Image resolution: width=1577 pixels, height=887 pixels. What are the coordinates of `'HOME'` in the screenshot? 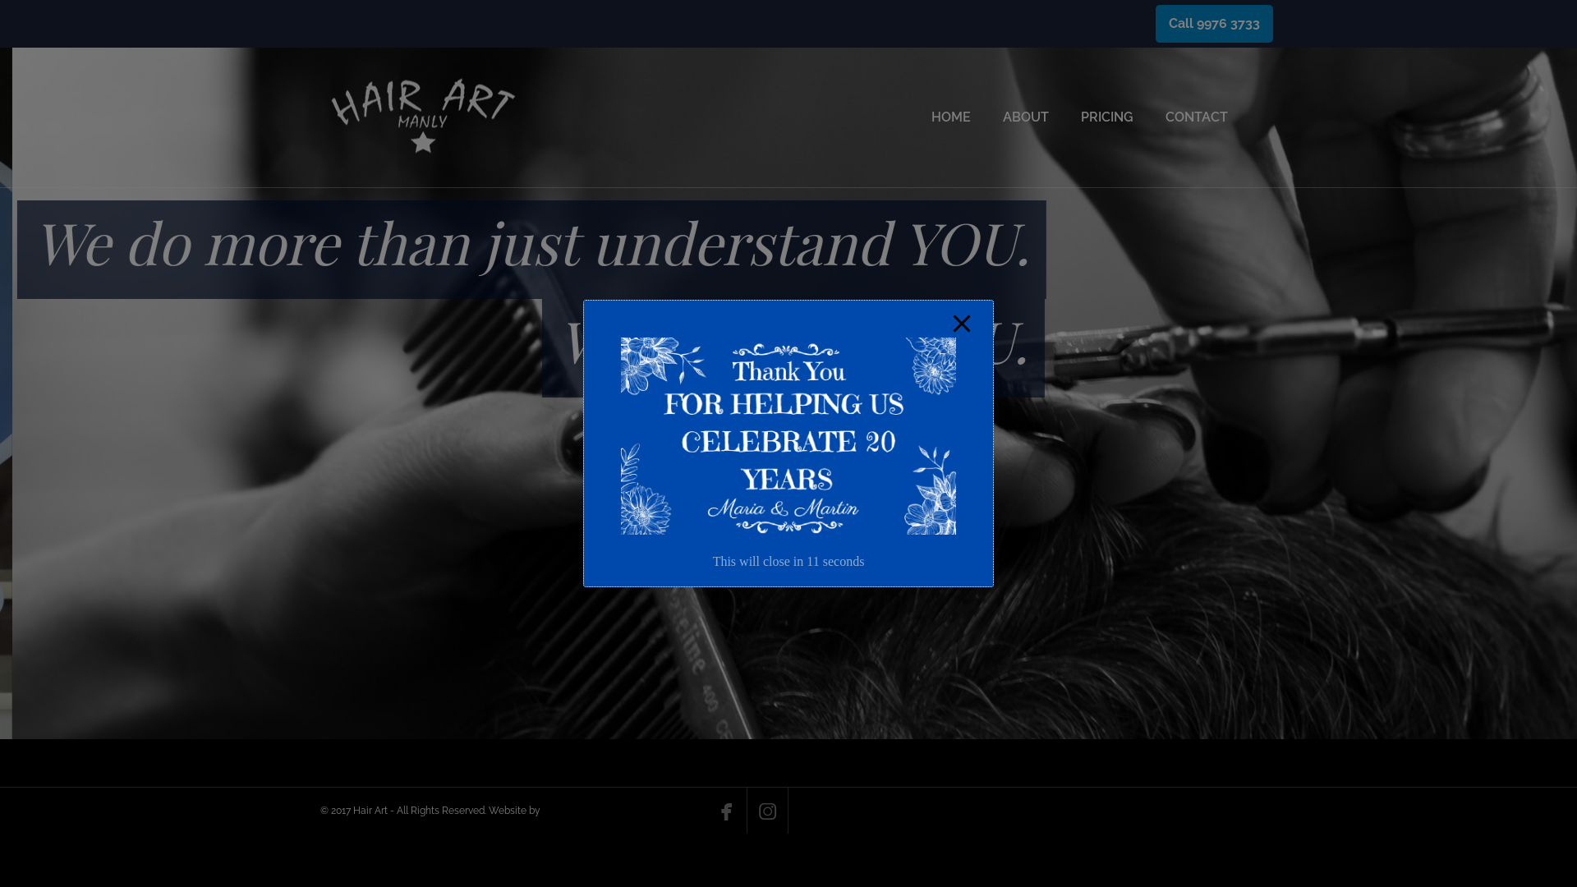 It's located at (950, 116).